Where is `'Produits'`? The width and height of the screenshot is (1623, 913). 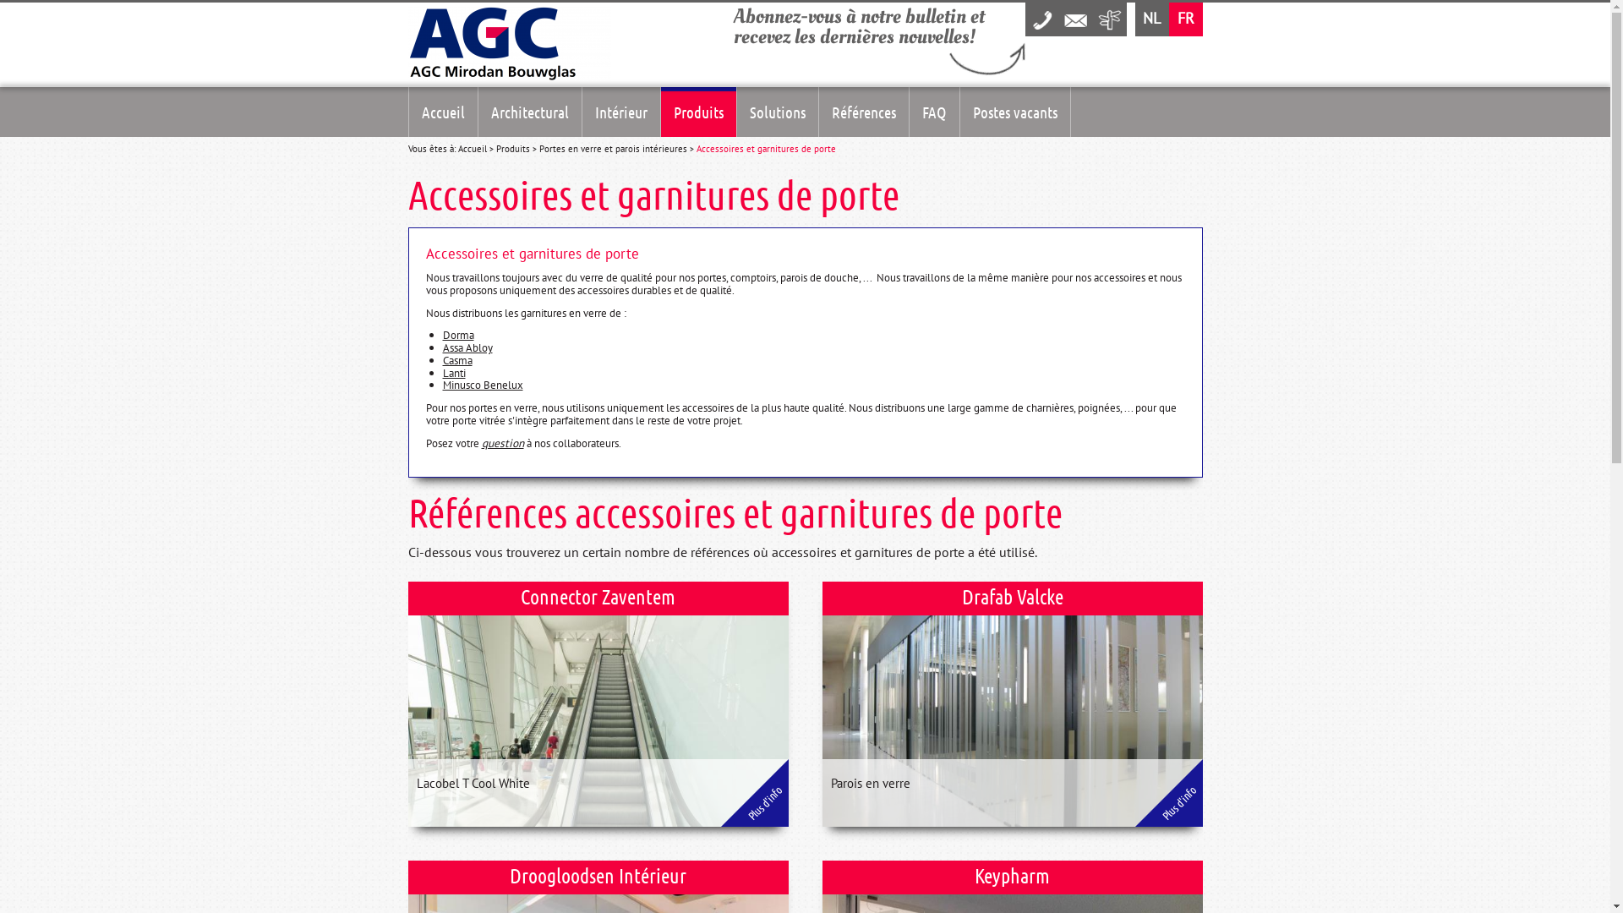
'Produits' is located at coordinates (511, 148).